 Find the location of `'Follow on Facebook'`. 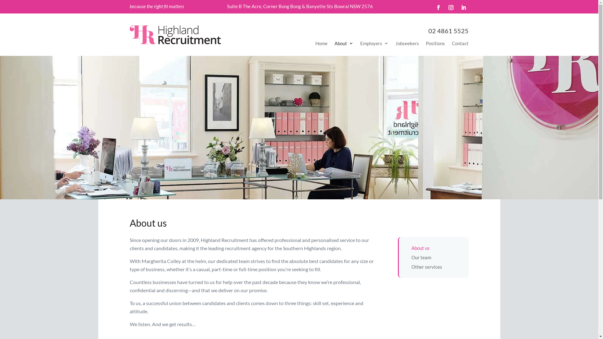

'Follow on Facebook' is located at coordinates (438, 7).